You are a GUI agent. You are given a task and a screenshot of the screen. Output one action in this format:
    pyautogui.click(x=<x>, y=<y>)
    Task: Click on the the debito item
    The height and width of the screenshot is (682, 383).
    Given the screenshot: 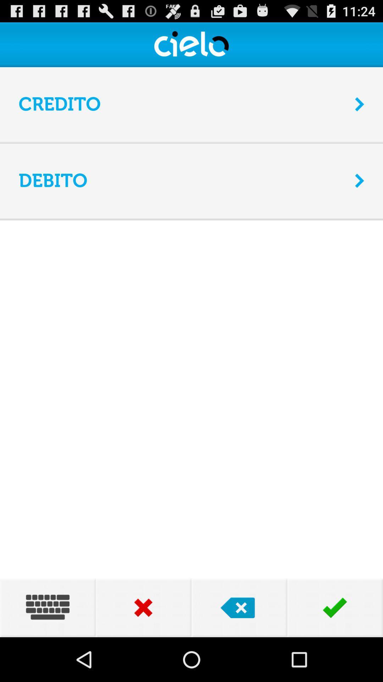 What is the action you would take?
    pyautogui.click(x=182, y=180)
    